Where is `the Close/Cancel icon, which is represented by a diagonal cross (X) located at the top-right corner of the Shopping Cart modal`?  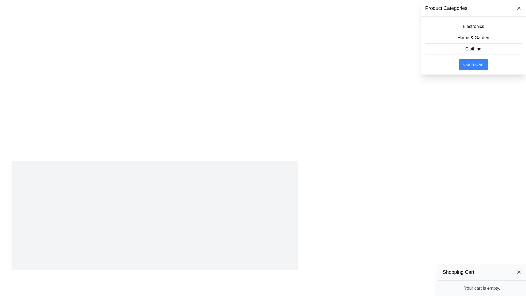
the Close/Cancel icon, which is represented by a diagonal cross (X) located at the top-right corner of the Shopping Cart modal is located at coordinates (519, 272).